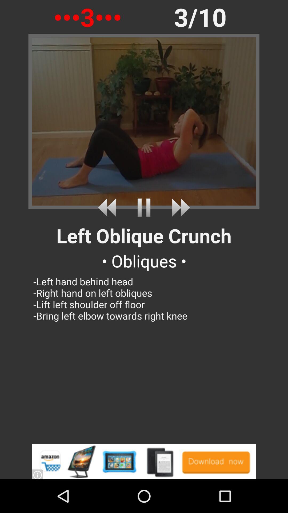 Image resolution: width=288 pixels, height=513 pixels. What do you see at coordinates (109, 207) in the screenshot?
I see `go back` at bounding box center [109, 207].